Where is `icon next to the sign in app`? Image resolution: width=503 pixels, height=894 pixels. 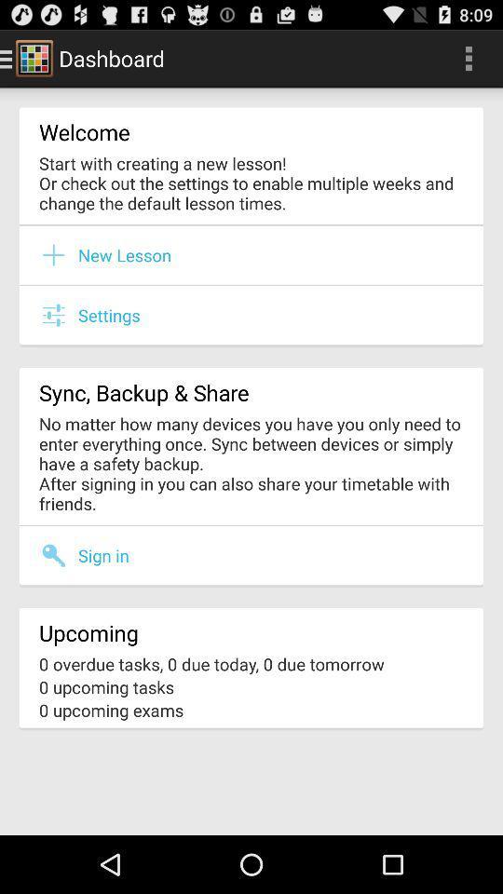 icon next to the sign in app is located at coordinates (59, 555).